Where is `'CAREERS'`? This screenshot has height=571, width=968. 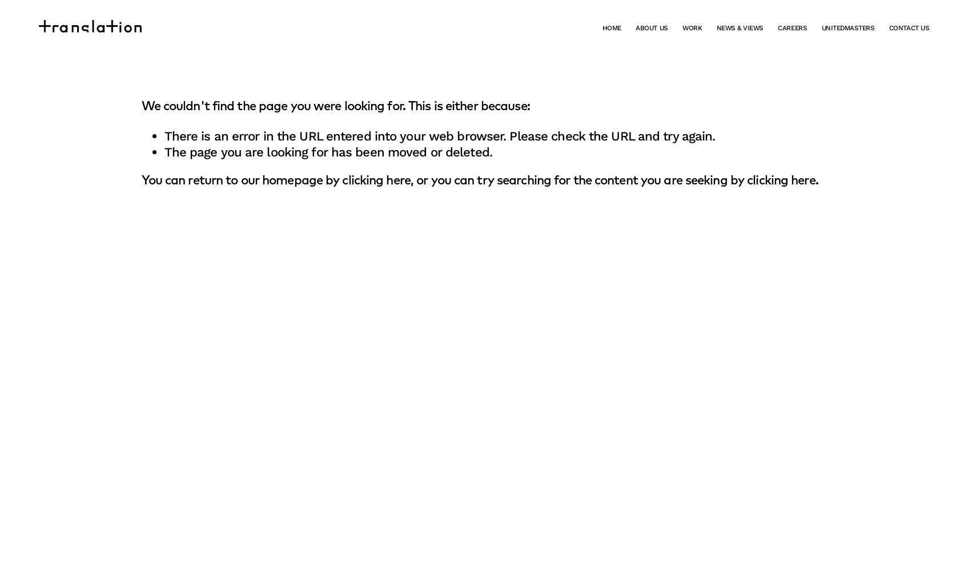 'CAREERS' is located at coordinates (792, 27).